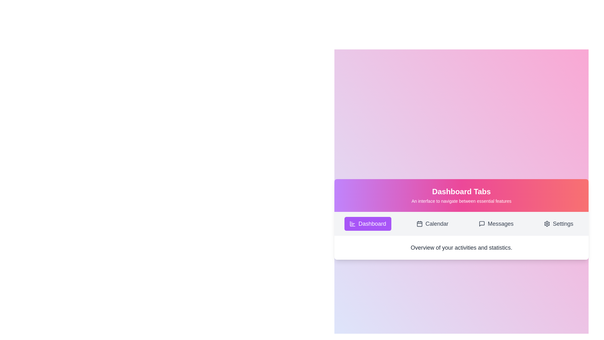  What do you see at coordinates (496, 223) in the screenshot?
I see `the 'Messages' button, which is a rectangular button with a light gray background and a message bubble icon, located in the navigation bar between the 'Calendar' and 'Settings' buttons` at bounding box center [496, 223].